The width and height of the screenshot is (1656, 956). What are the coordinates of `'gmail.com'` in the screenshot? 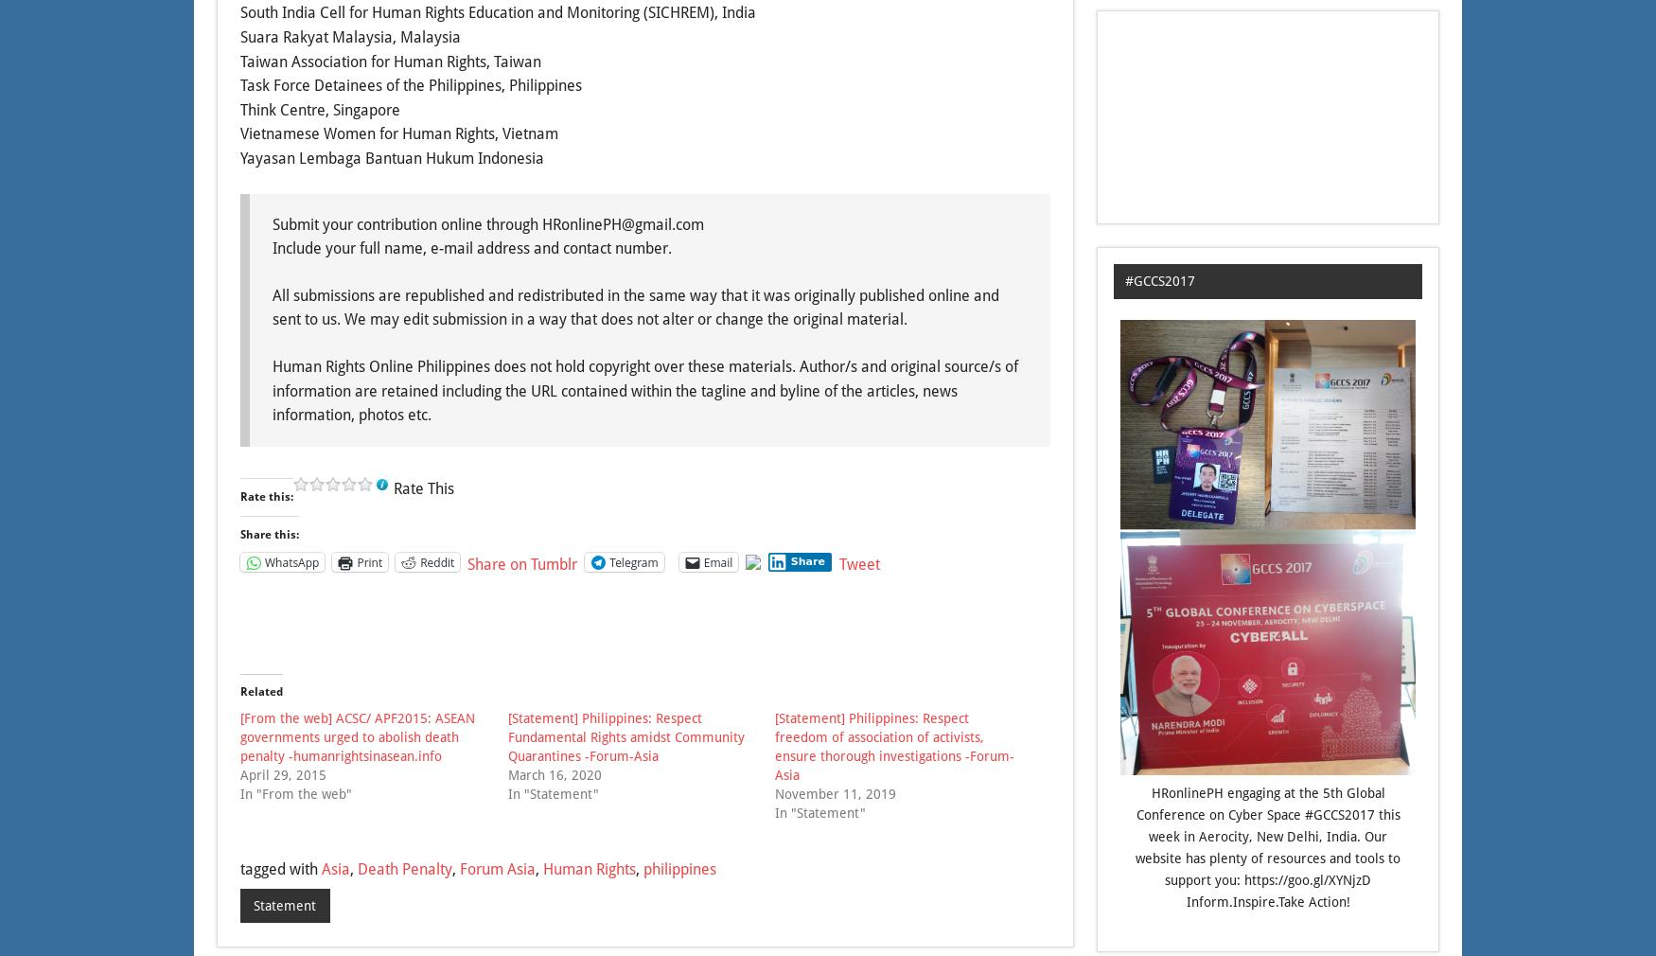 It's located at (633, 222).